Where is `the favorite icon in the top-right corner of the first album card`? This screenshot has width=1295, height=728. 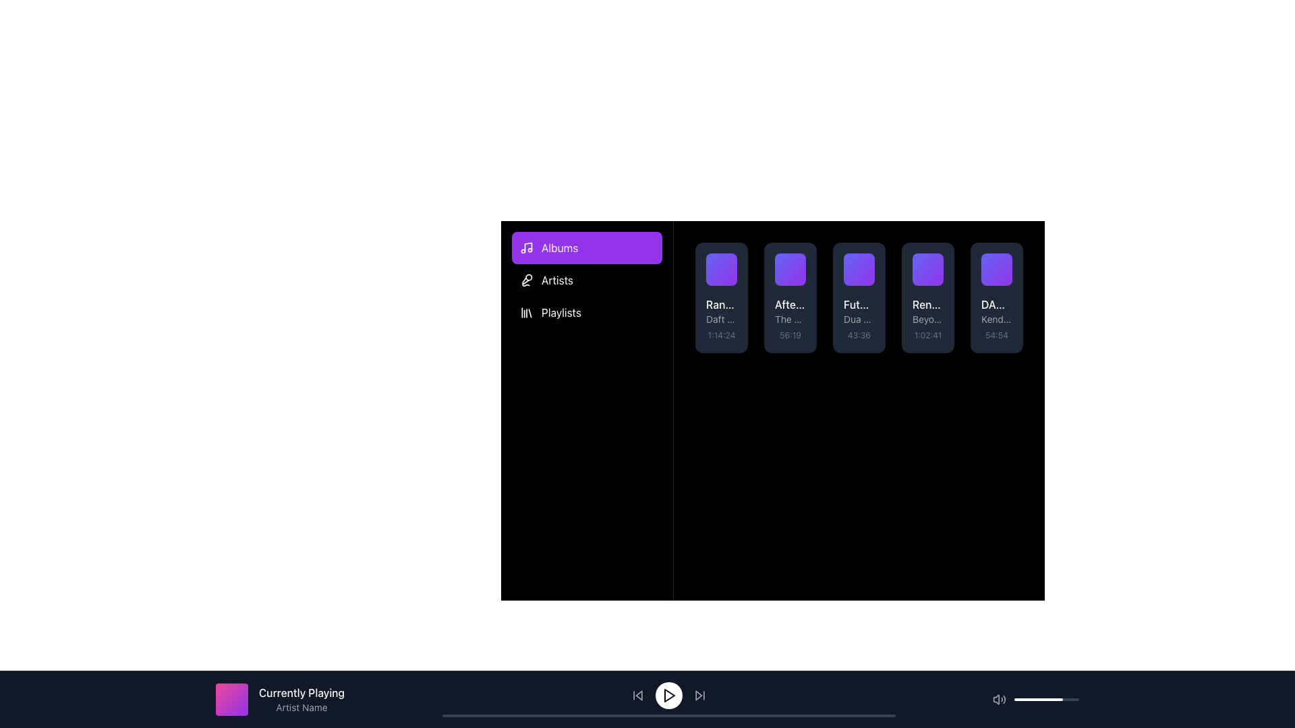 the favorite icon in the top-right corner of the first album card is located at coordinates (728, 262).